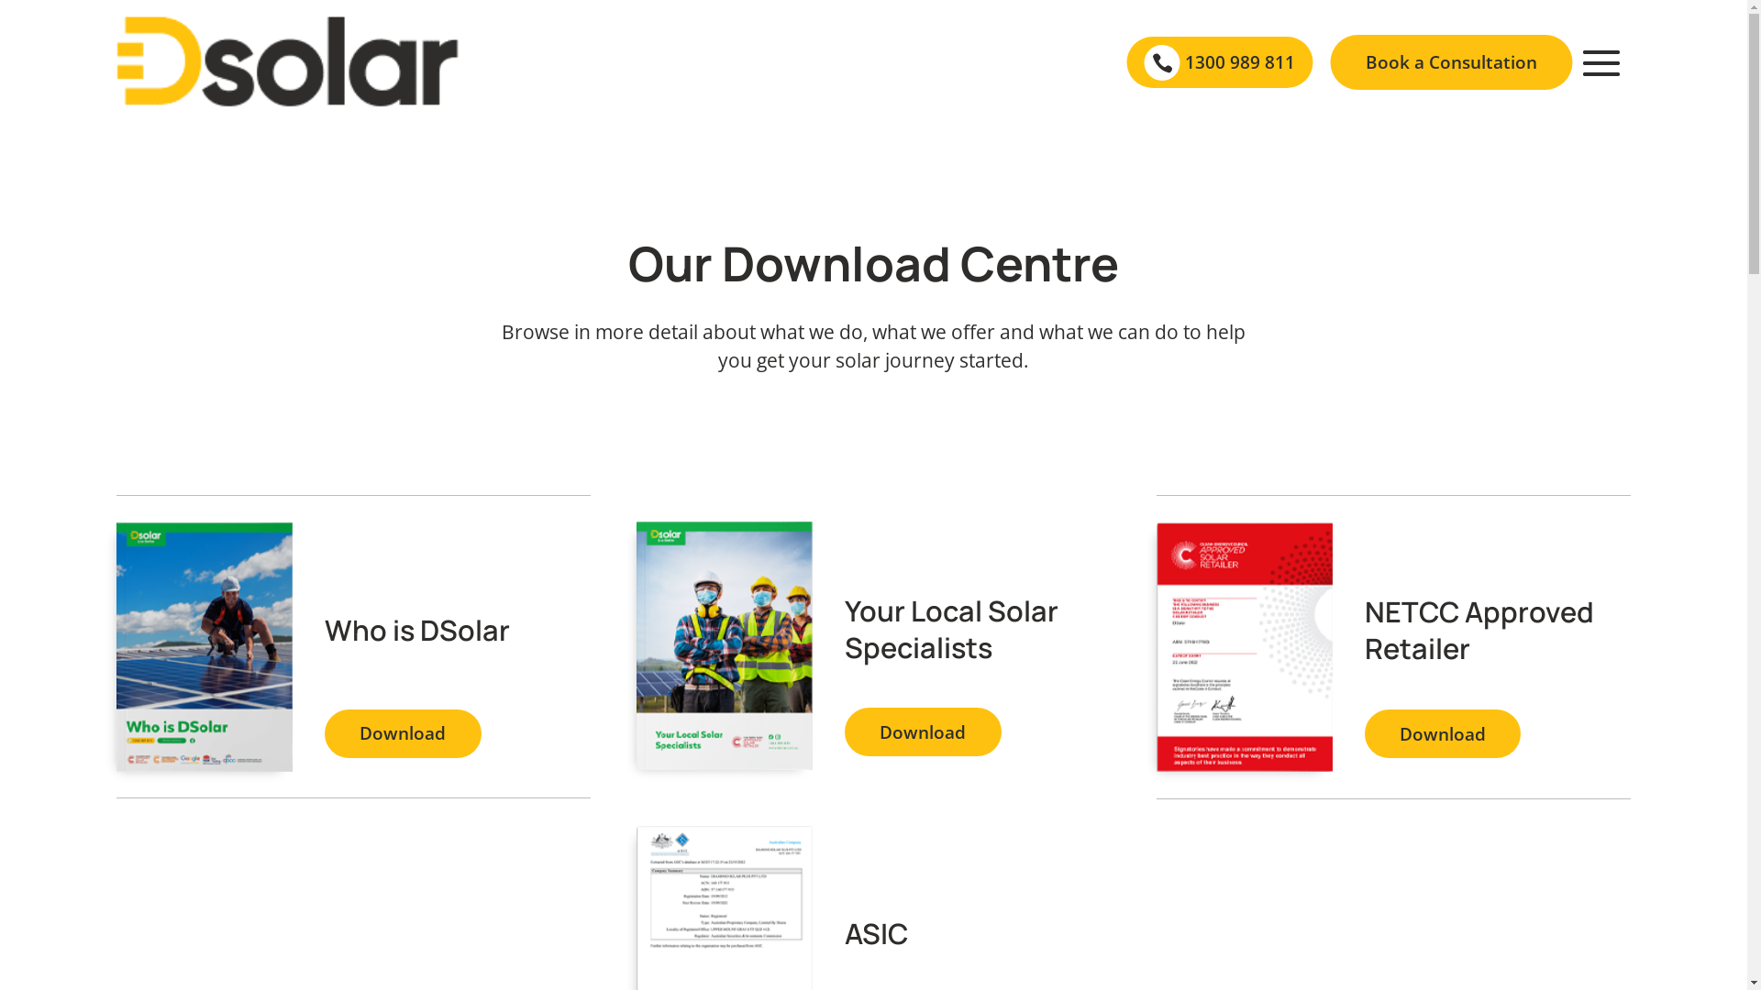  What do you see at coordinates (1365, 628) in the screenshot?
I see `'NETCC Approved Retailer'` at bounding box center [1365, 628].